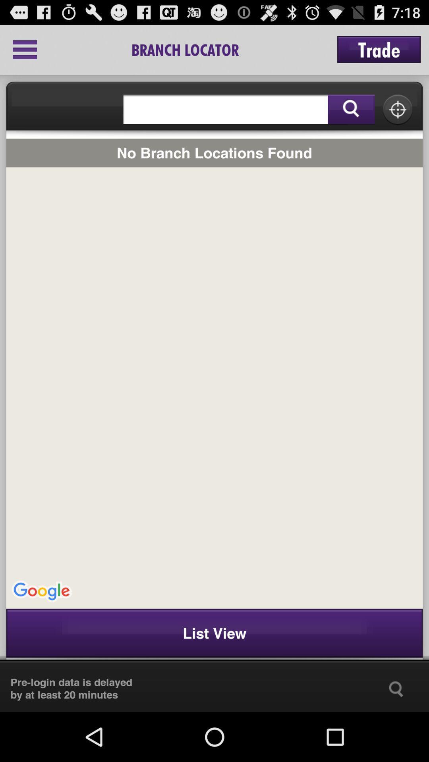  Describe the element at coordinates (398, 117) in the screenshot. I see `the location_crosshair icon` at that location.